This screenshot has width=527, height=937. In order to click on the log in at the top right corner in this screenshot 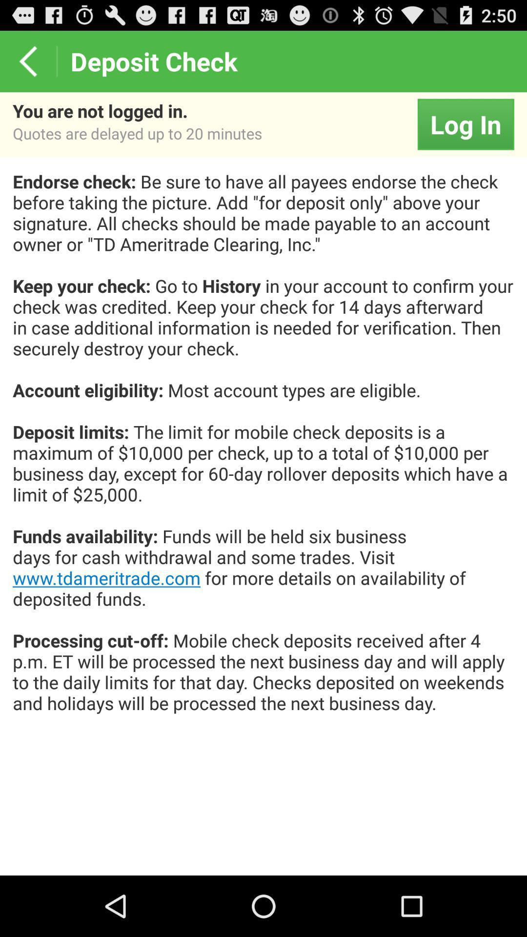, I will do `click(465, 123)`.